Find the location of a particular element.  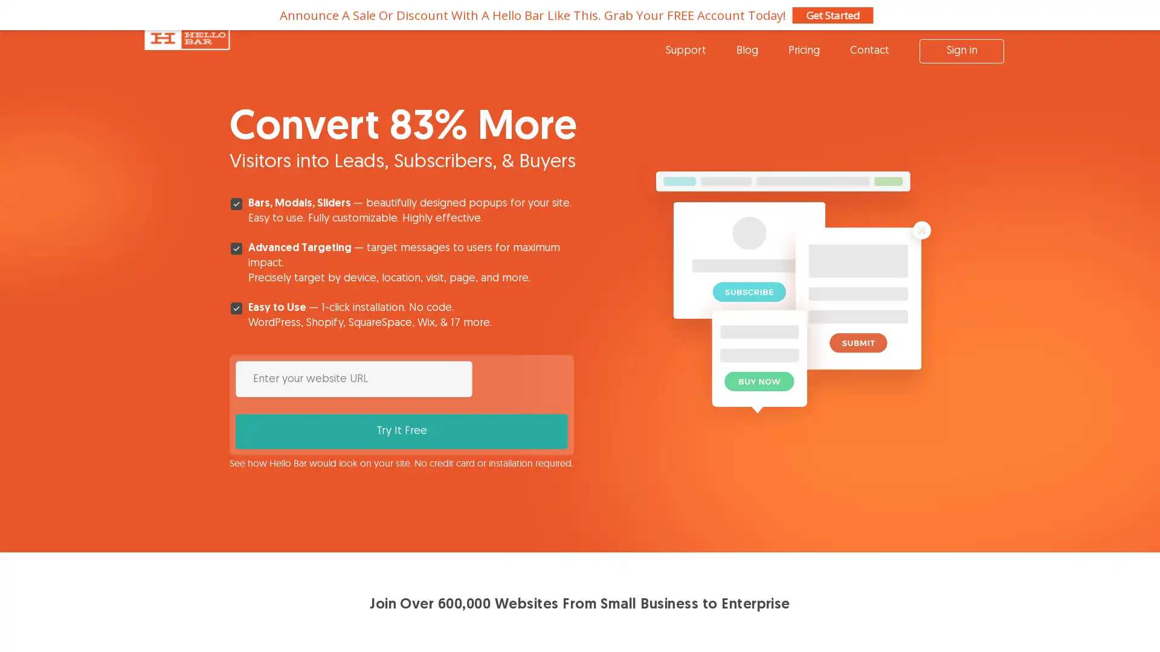

Try It Free is located at coordinates (523, 378).